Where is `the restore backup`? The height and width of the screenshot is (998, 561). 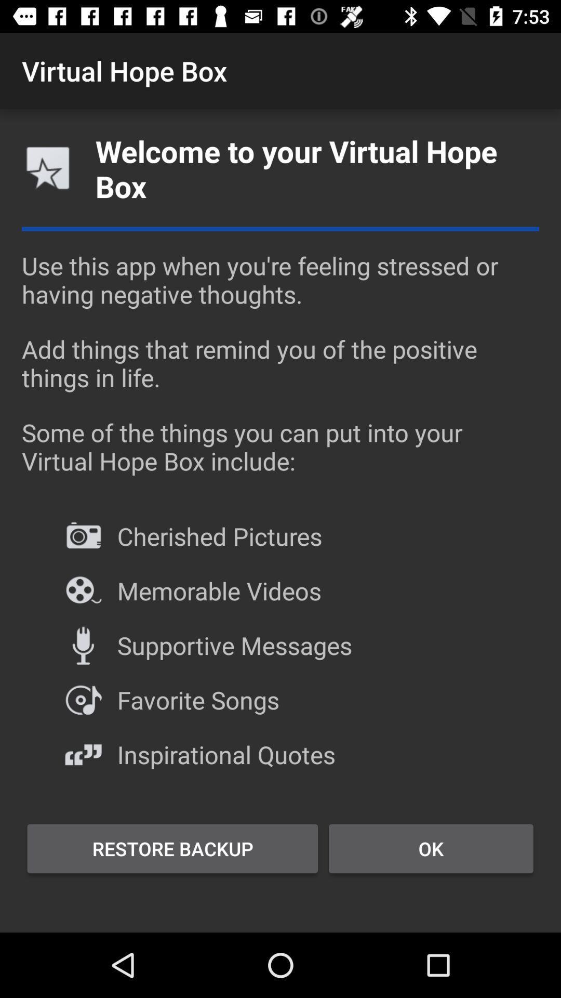 the restore backup is located at coordinates (172, 848).